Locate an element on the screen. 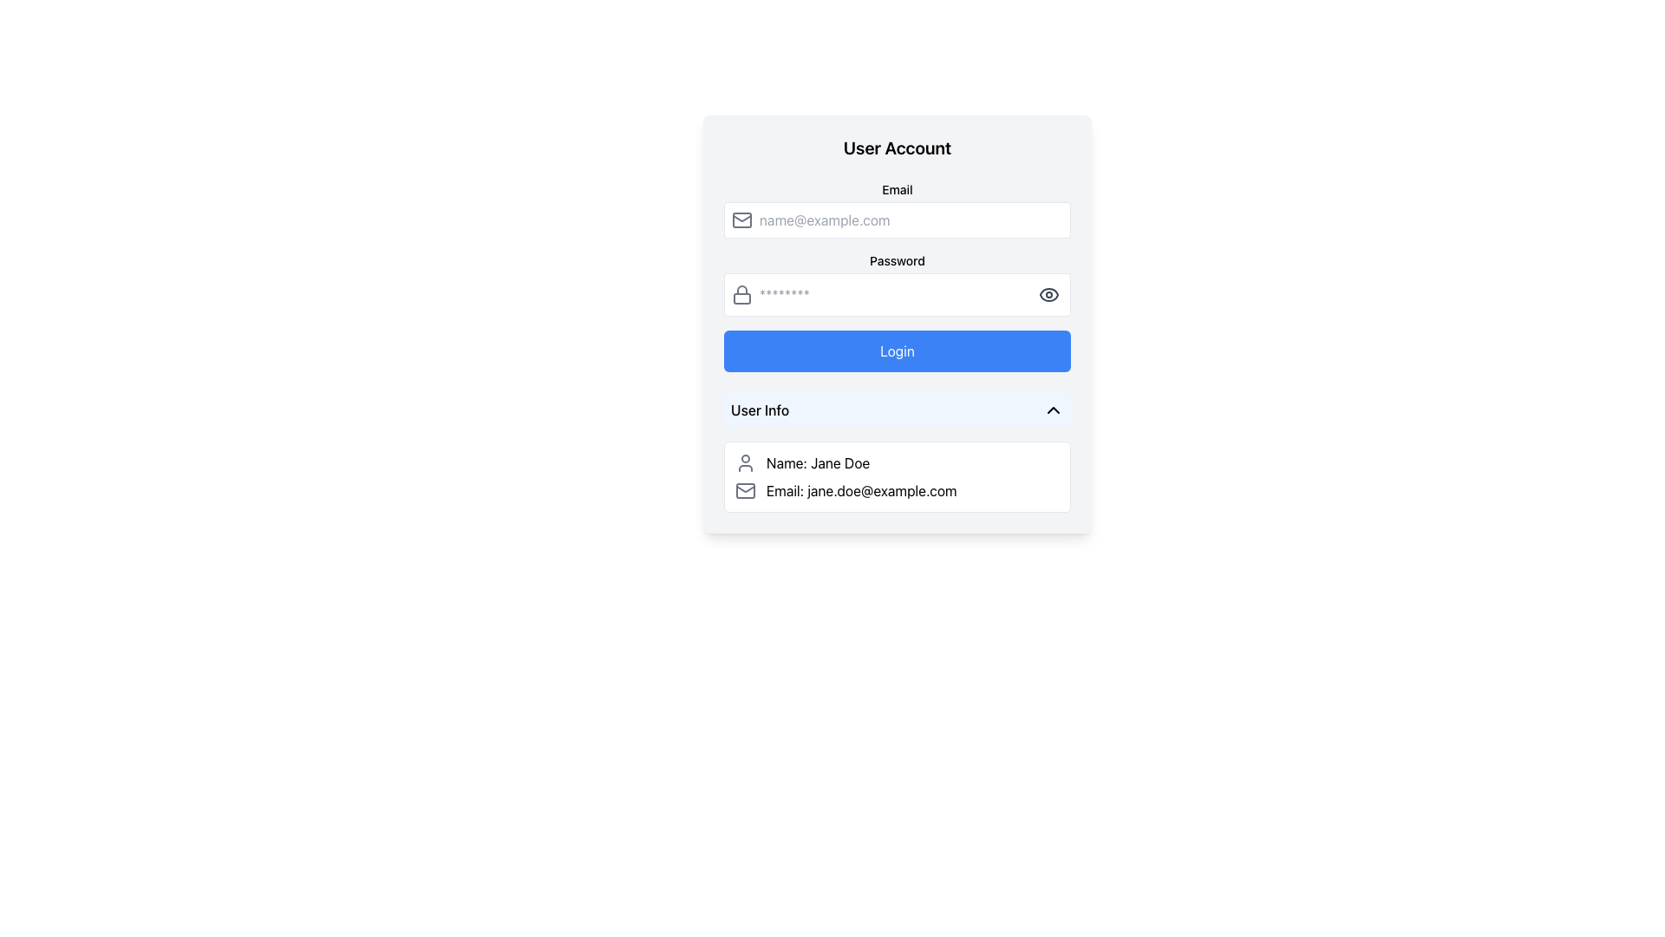 This screenshot has height=937, width=1665. the email address display element, which is labeled 'Email:' and located under 'Name: Jane Doe' in the 'User Info' section is located at coordinates (898, 491).